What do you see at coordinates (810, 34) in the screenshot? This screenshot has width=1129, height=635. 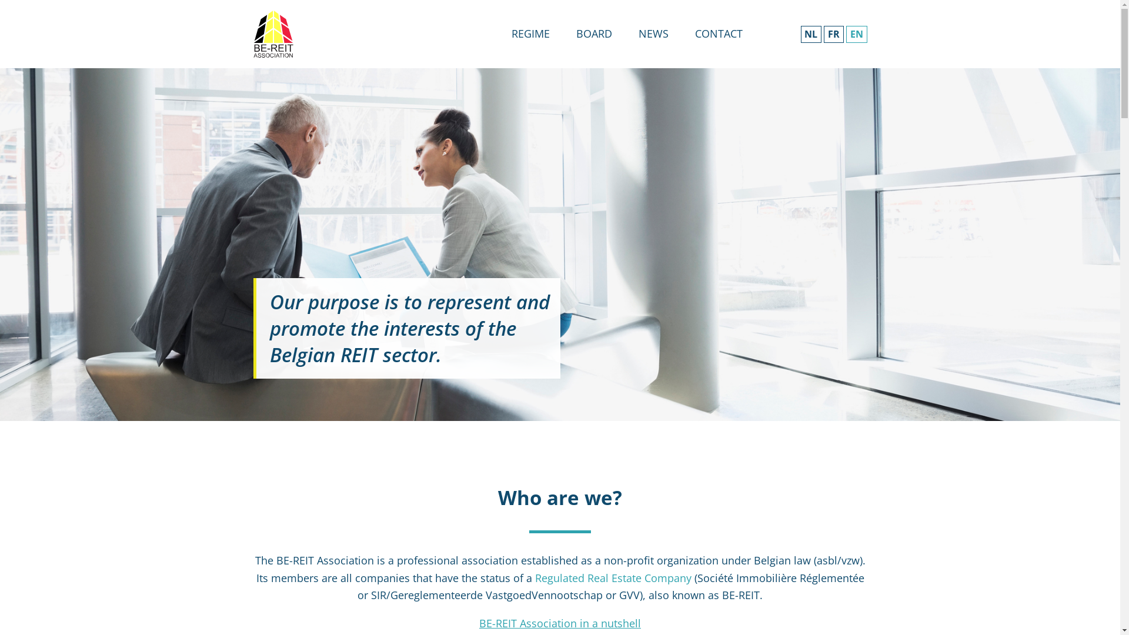 I see `'NL'` at bounding box center [810, 34].